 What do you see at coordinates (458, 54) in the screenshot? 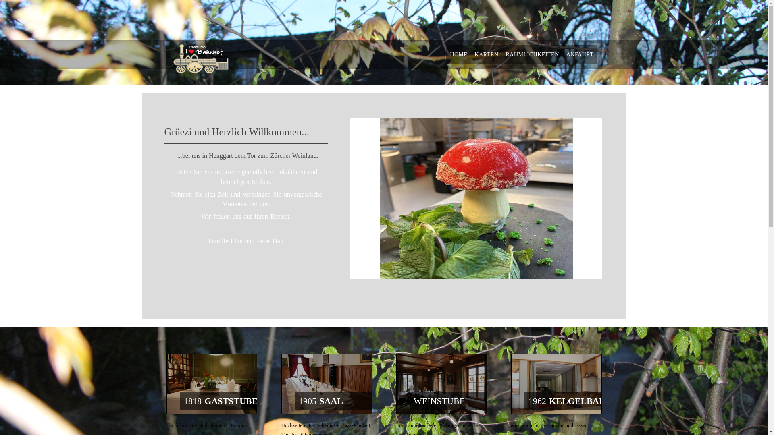
I see `'HOME'` at bounding box center [458, 54].